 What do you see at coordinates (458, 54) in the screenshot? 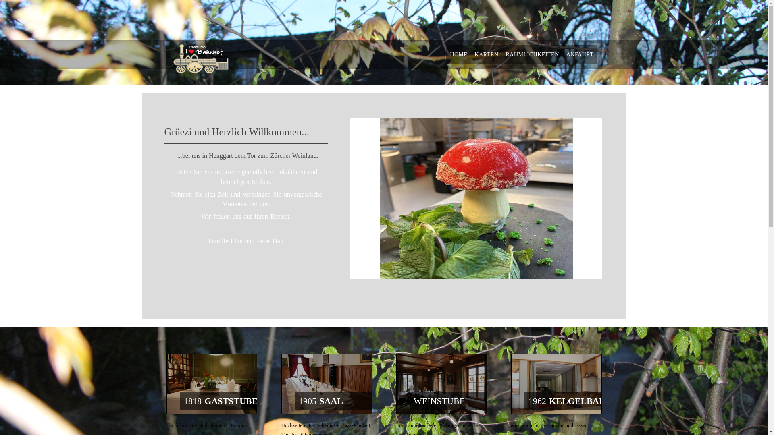
I see `'HOME'` at bounding box center [458, 54].